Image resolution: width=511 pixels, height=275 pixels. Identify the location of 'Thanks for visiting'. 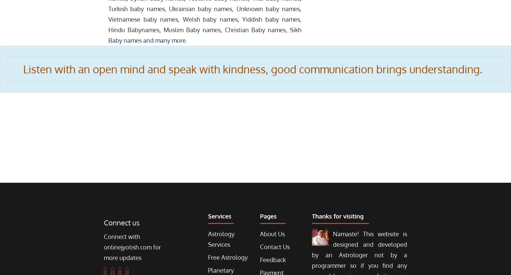
(337, 216).